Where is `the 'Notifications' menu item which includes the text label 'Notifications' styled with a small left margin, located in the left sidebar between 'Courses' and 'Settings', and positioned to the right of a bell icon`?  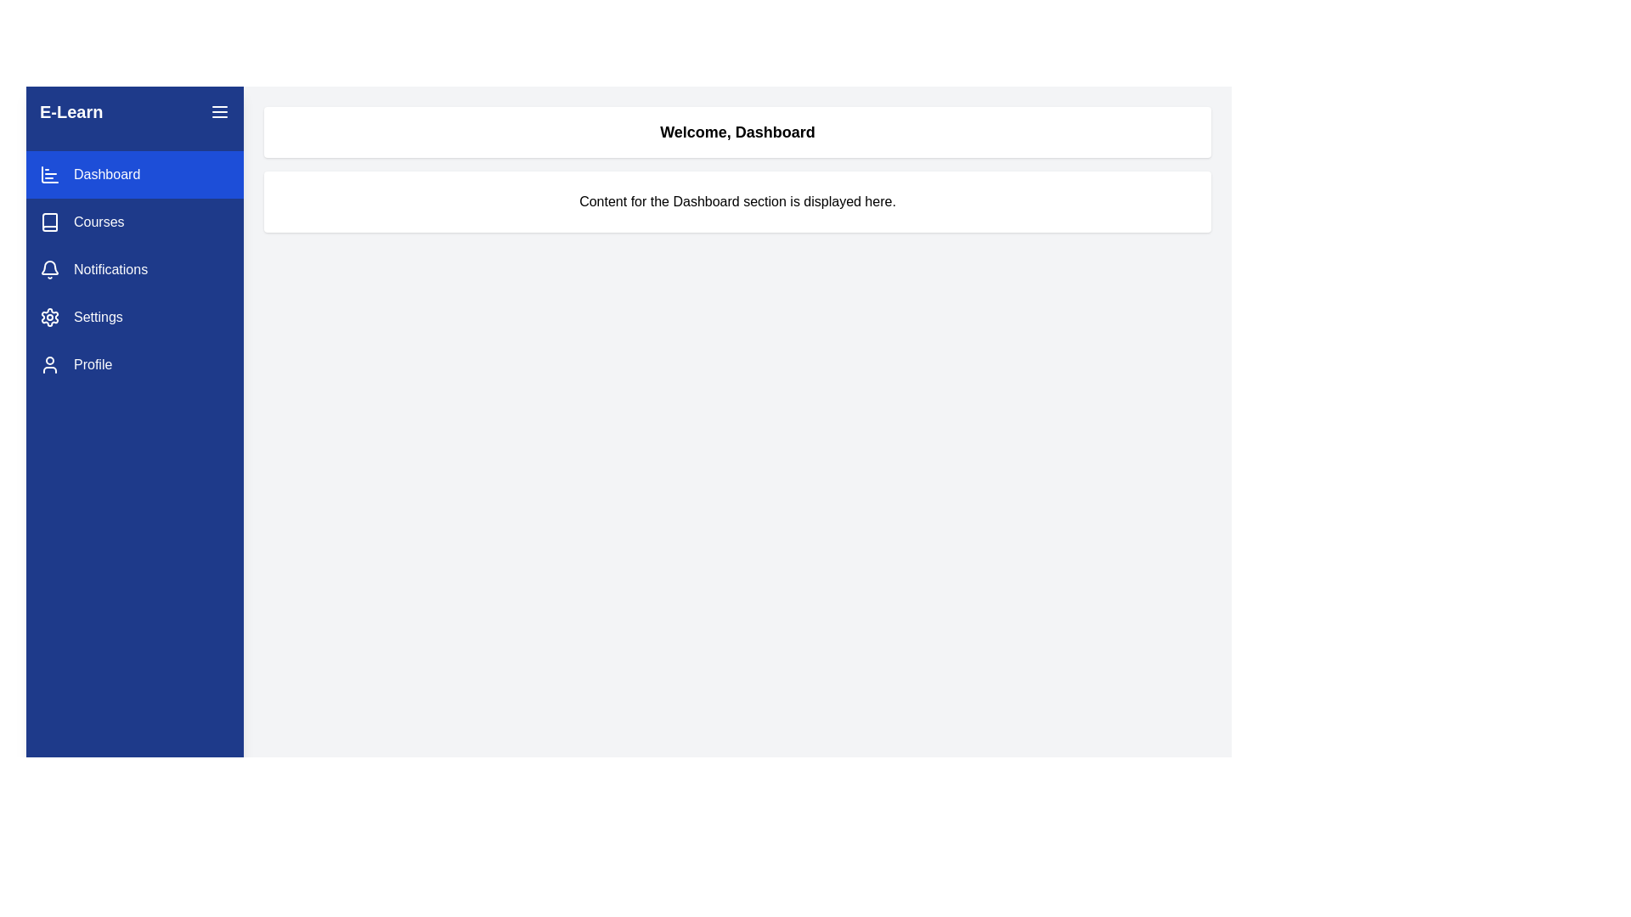 the 'Notifications' menu item which includes the text label 'Notifications' styled with a small left margin, located in the left sidebar between 'Courses' and 'Settings', and positioned to the right of a bell icon is located at coordinates (110, 268).